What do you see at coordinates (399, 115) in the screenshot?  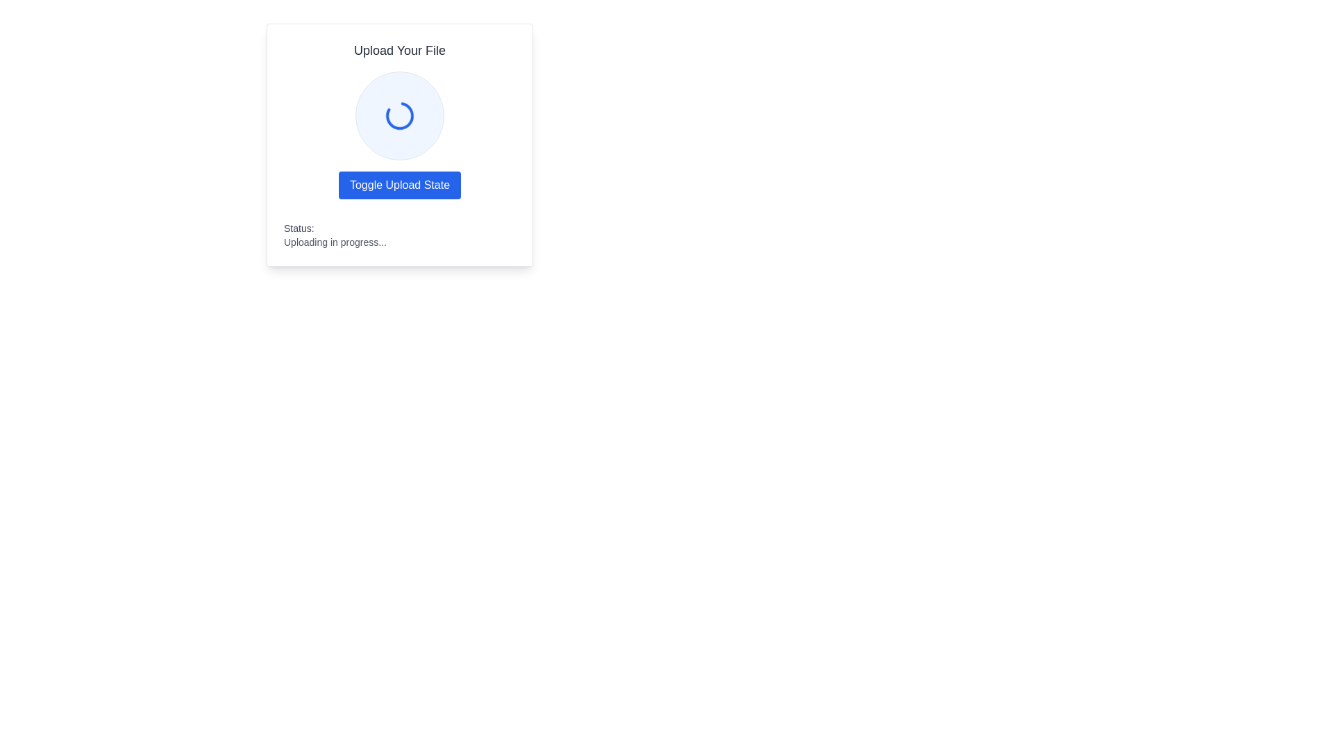 I see `the Spinner/Loader that indicates a loading or progress state, located centrally below the title 'Upload Your File' and above the 'Toggle Upload State' button` at bounding box center [399, 115].